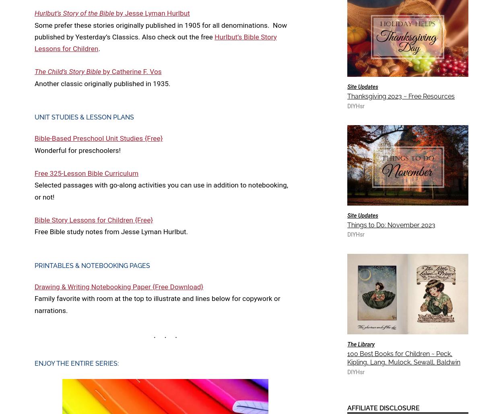 This screenshot has width=503, height=414. What do you see at coordinates (34, 286) in the screenshot?
I see `'Drawing & Writing Notebooking Paper {Free Download}'` at bounding box center [34, 286].